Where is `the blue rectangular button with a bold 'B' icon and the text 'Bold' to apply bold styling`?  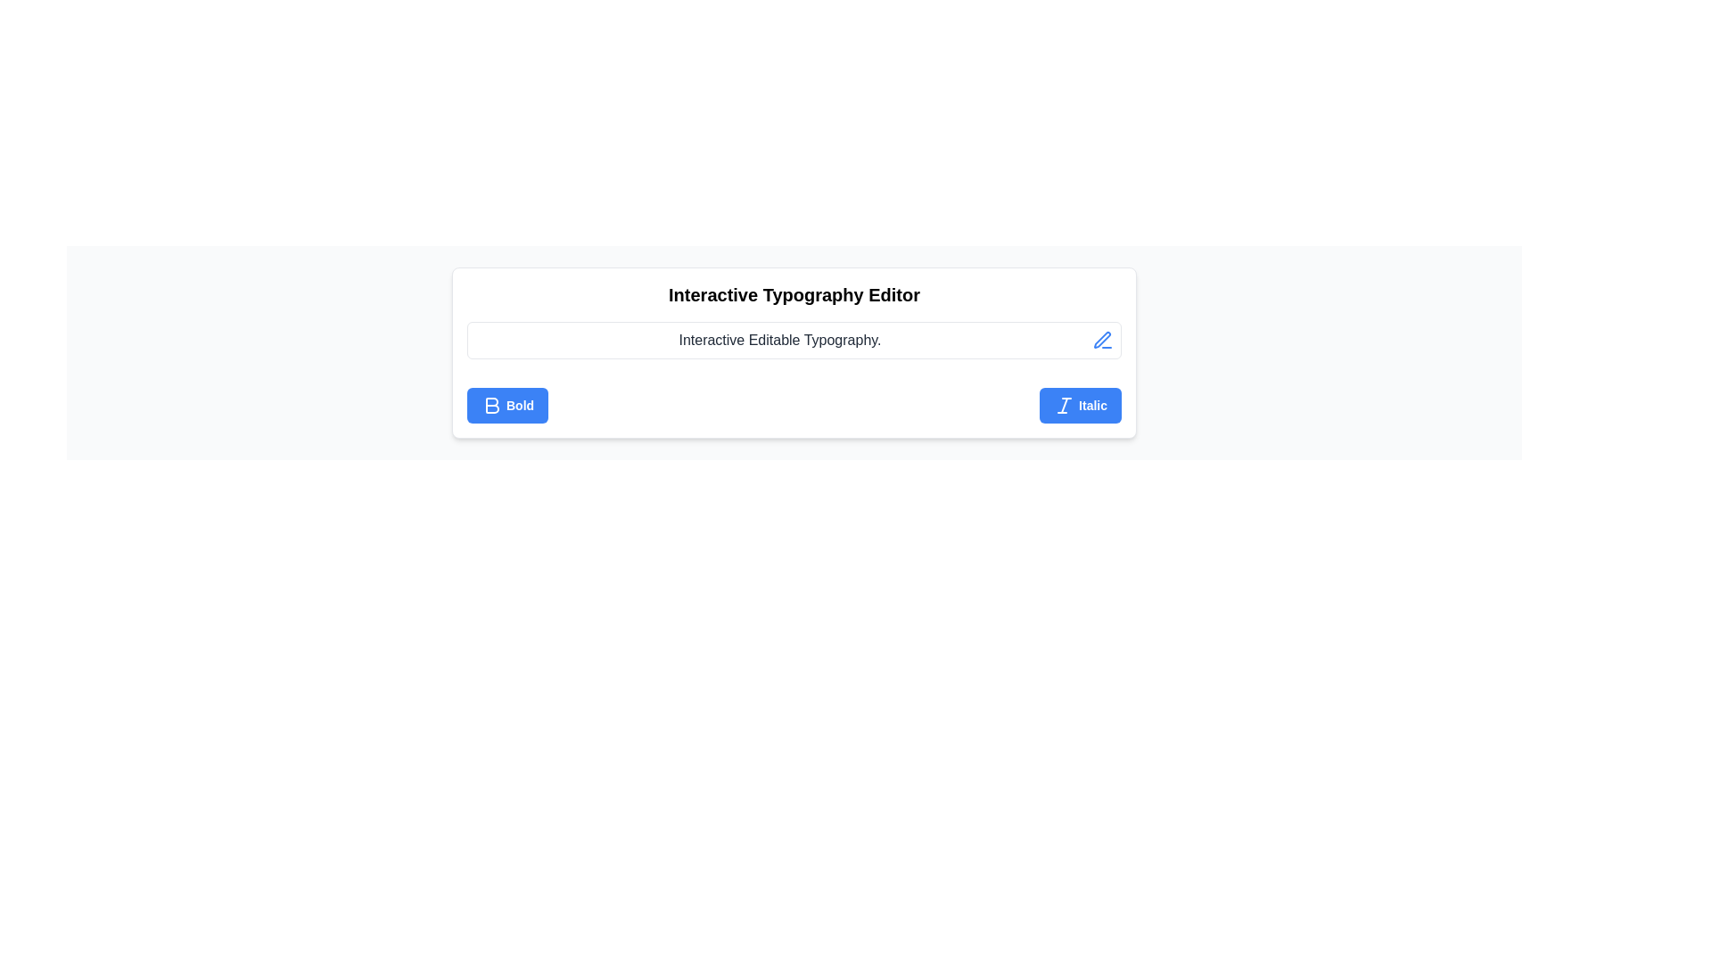 the blue rectangular button with a bold 'B' icon and the text 'Bold' to apply bold styling is located at coordinates (506, 406).